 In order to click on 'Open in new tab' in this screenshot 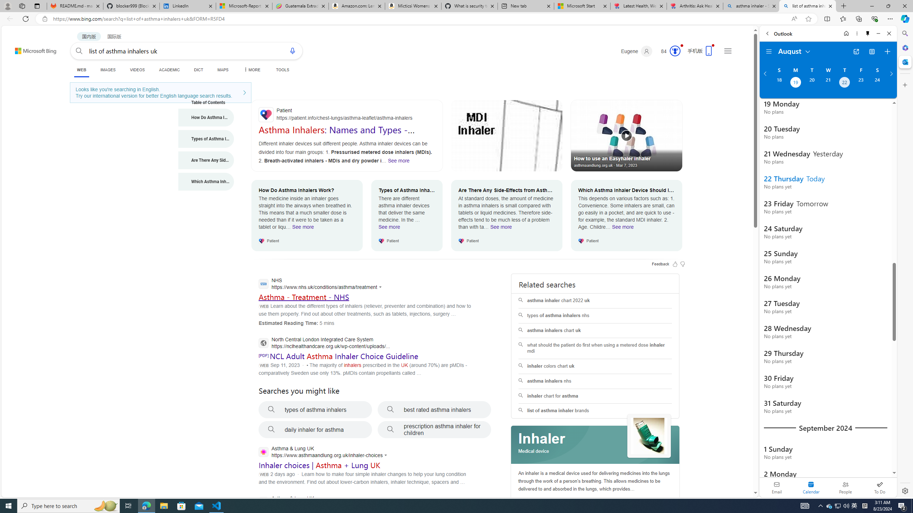, I will do `click(856, 52)`.